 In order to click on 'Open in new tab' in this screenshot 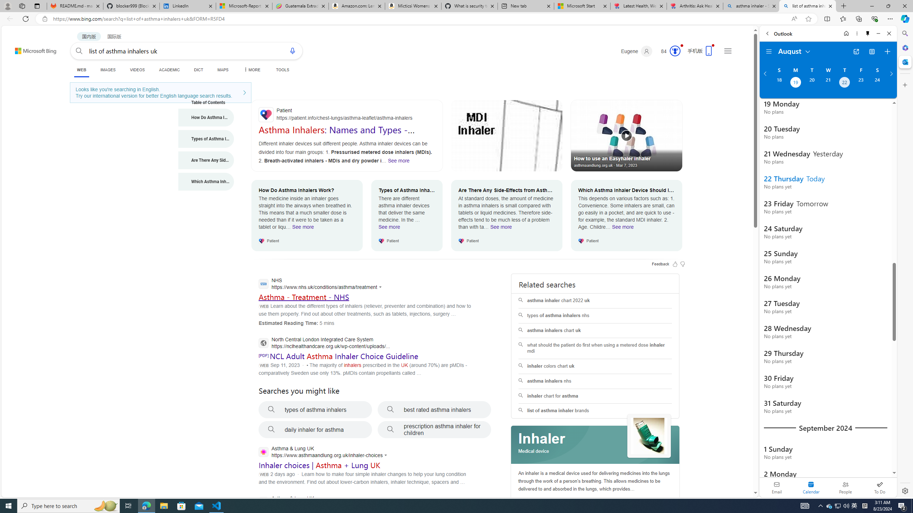, I will do `click(856, 52)`.